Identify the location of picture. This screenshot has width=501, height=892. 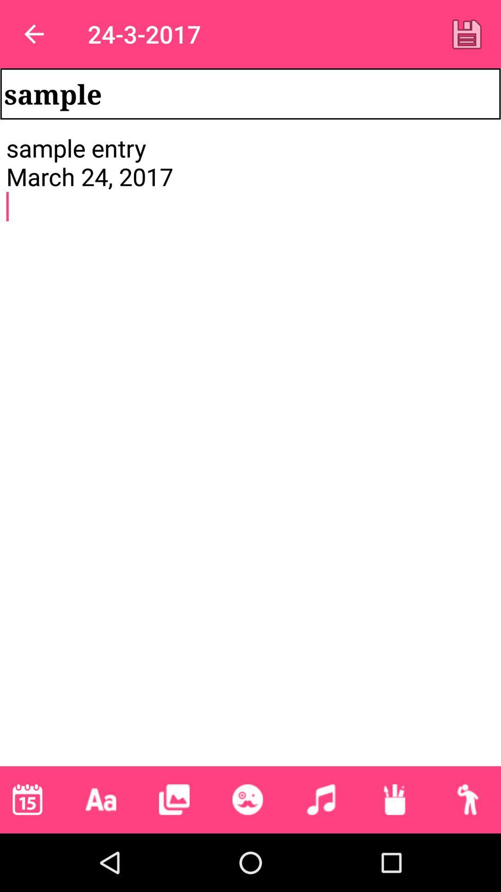
(174, 799).